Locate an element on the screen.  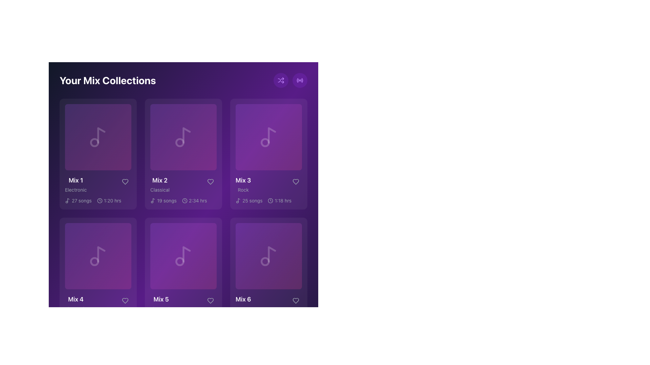
the music-related icon located on the 'Mix 3' card, which is the third item in the first row of the grid-like arrangement is located at coordinates (239, 200).